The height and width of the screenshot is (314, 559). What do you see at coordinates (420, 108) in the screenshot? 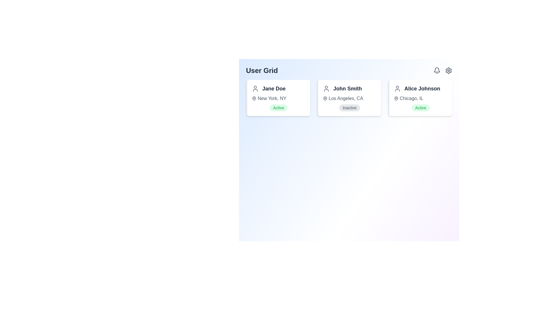
I see `the small, rounded rectangular tag with a light green background that displays the text 'Active' associated with 'Alice Johnson' in the user grid` at bounding box center [420, 108].